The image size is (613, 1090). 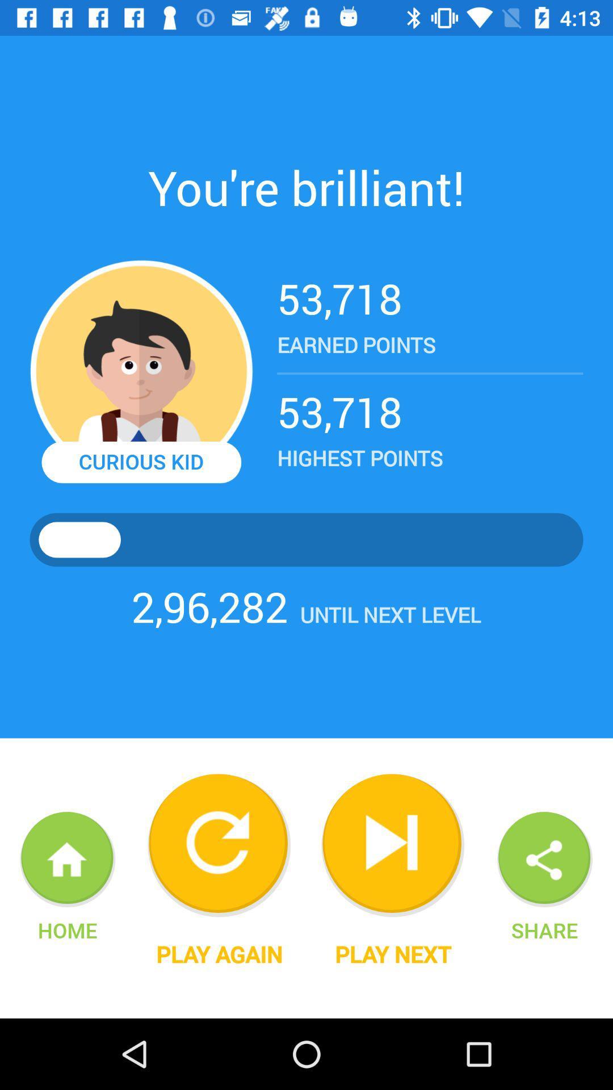 I want to click on item to the left of share, so click(x=392, y=954).